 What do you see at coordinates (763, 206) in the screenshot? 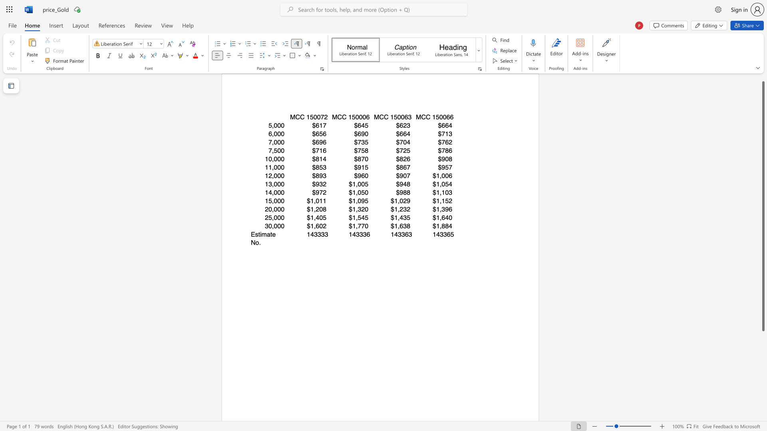
I see `the scrollbar and move up 10 pixels` at bounding box center [763, 206].